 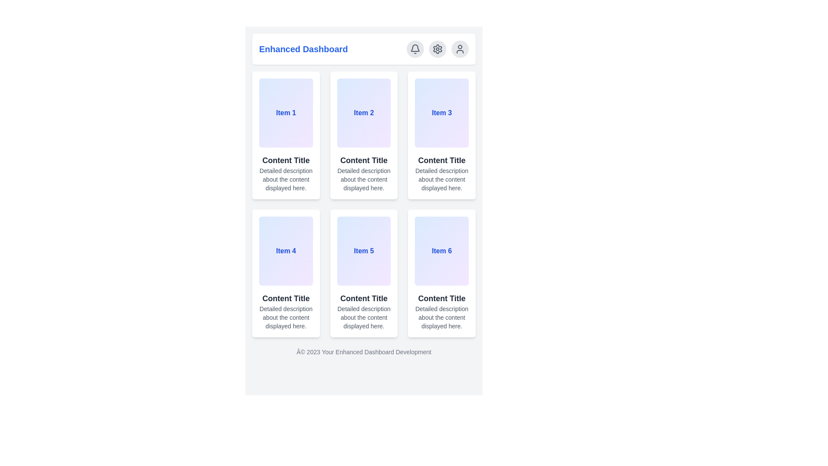 What do you see at coordinates (364, 160) in the screenshot?
I see `the Text Label that serves as the title of the content displayed in the block` at bounding box center [364, 160].